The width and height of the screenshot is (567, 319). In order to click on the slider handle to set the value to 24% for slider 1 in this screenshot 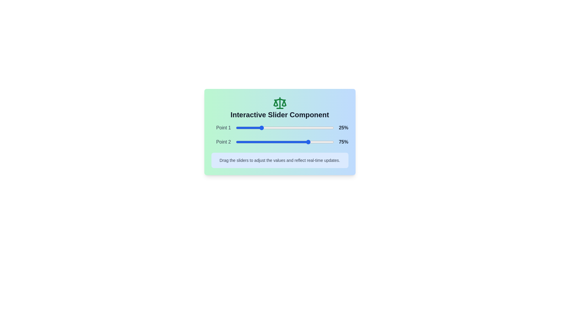, I will do `click(259, 127)`.